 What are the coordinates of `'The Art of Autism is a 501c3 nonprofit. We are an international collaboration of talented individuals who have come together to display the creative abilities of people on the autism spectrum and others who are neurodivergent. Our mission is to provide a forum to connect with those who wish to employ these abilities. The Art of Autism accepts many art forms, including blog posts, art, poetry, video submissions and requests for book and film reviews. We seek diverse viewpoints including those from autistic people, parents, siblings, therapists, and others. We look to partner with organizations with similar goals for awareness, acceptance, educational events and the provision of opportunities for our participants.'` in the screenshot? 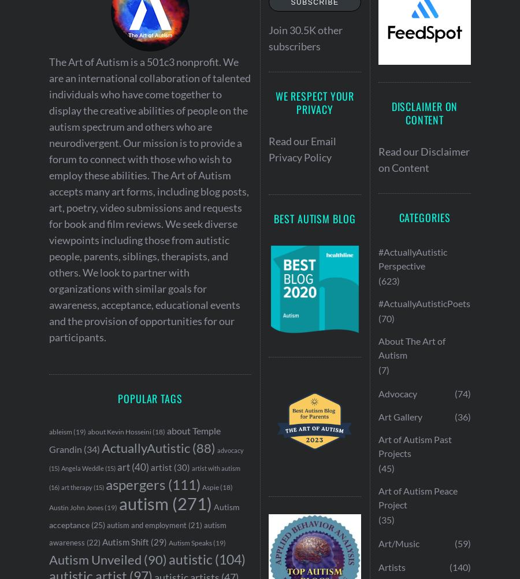 It's located at (149, 199).